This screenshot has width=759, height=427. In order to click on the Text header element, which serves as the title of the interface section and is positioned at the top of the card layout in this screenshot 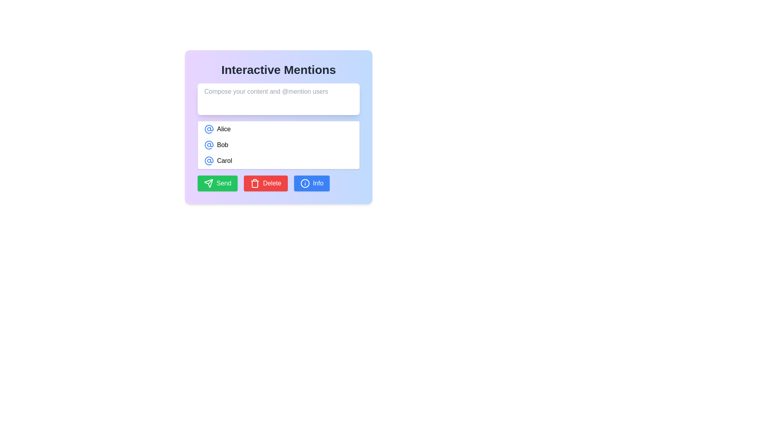, I will do `click(279, 70)`.